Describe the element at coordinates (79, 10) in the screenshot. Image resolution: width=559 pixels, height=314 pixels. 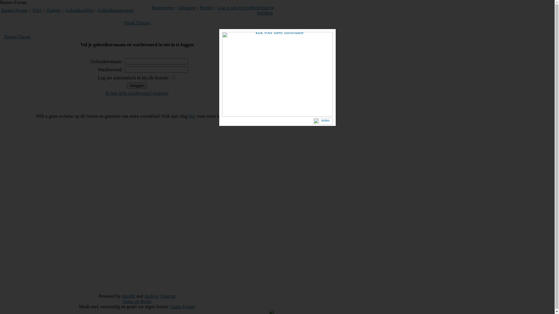
I see `'Gebruikerslijst'` at that location.